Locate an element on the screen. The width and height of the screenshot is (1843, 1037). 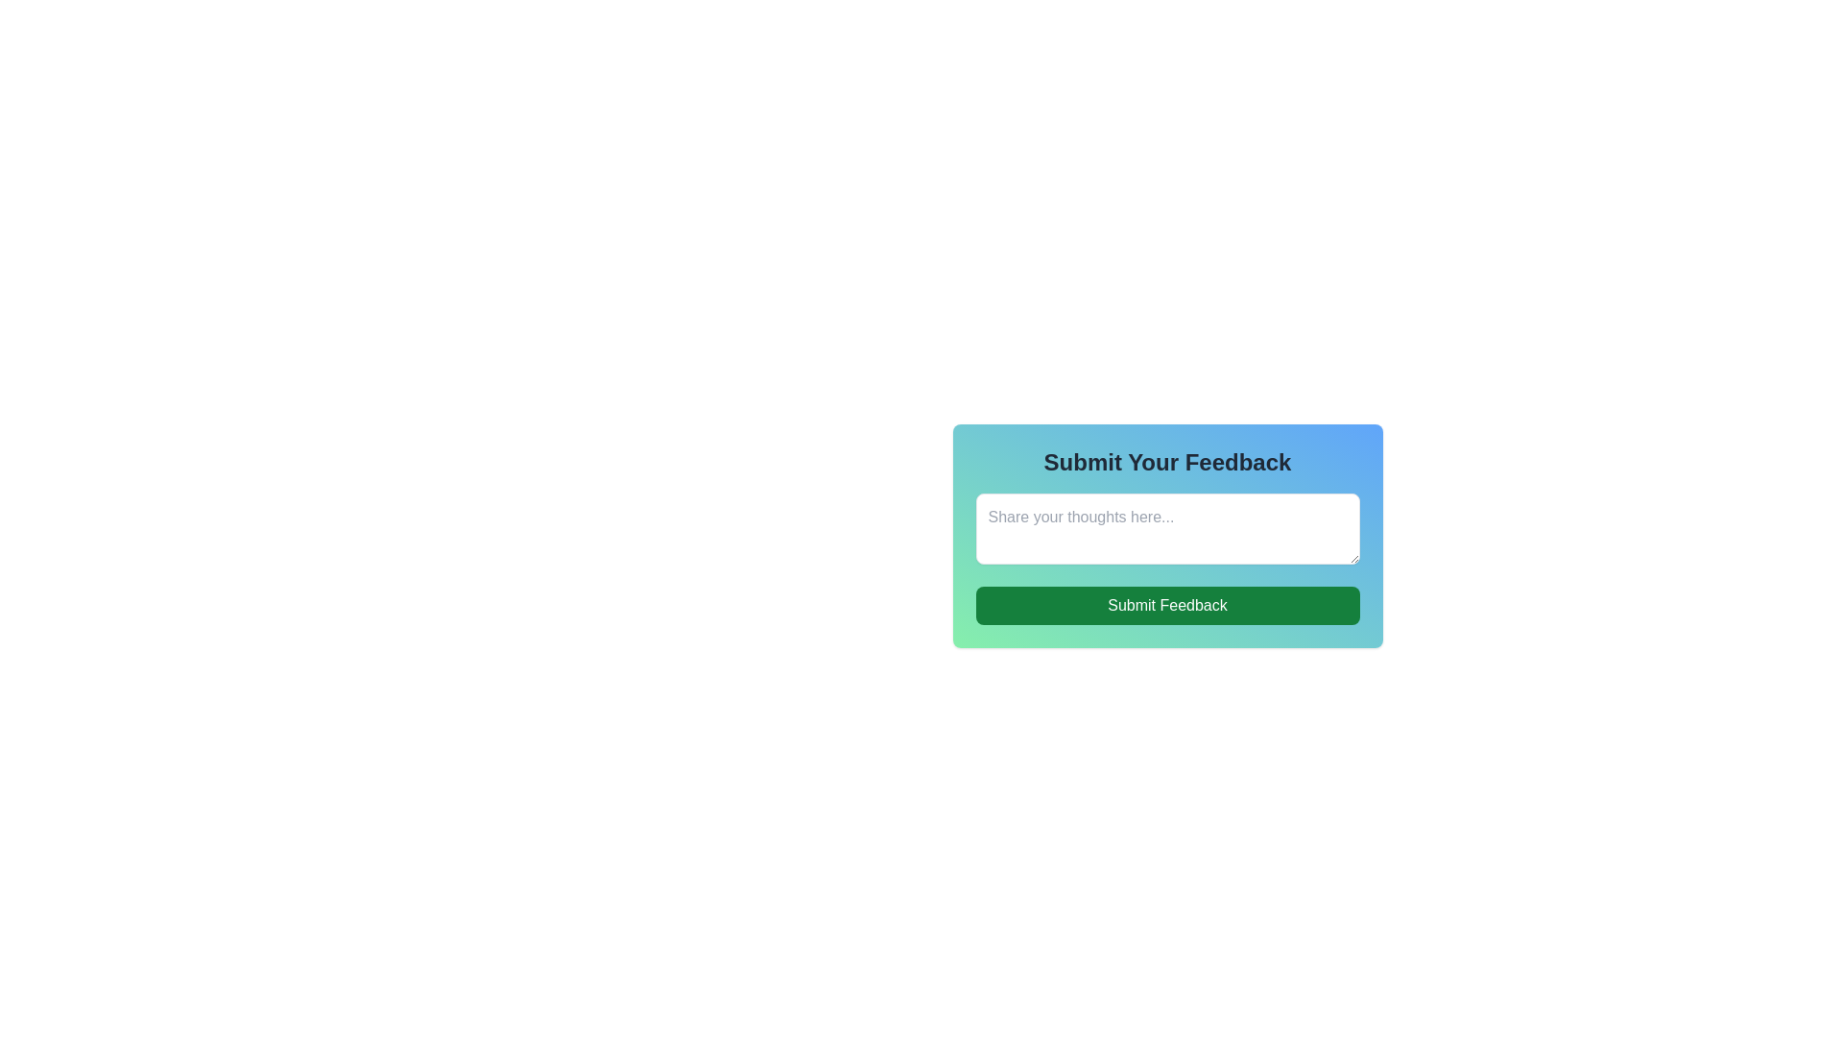
the 'Submit Feedback' button, which is a green rectangular button with white text at the bottom of the feedback form, to observe the hover effect is located at coordinates (1166, 606).